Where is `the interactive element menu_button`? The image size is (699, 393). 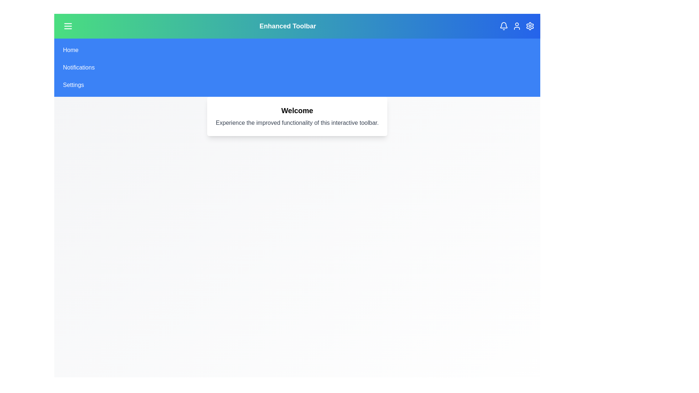
the interactive element menu_button is located at coordinates (68, 26).